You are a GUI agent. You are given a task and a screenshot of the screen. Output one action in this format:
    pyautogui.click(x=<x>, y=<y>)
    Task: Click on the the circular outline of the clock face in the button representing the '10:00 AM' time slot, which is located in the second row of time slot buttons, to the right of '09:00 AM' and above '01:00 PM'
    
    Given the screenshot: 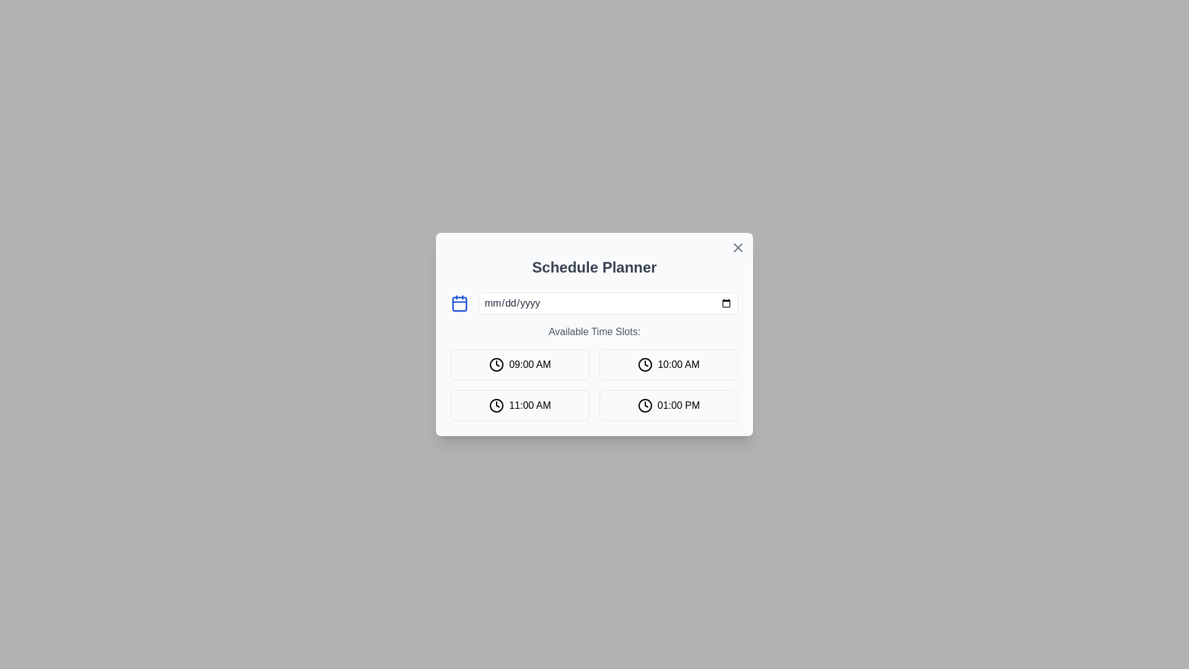 What is the action you would take?
    pyautogui.click(x=645, y=364)
    